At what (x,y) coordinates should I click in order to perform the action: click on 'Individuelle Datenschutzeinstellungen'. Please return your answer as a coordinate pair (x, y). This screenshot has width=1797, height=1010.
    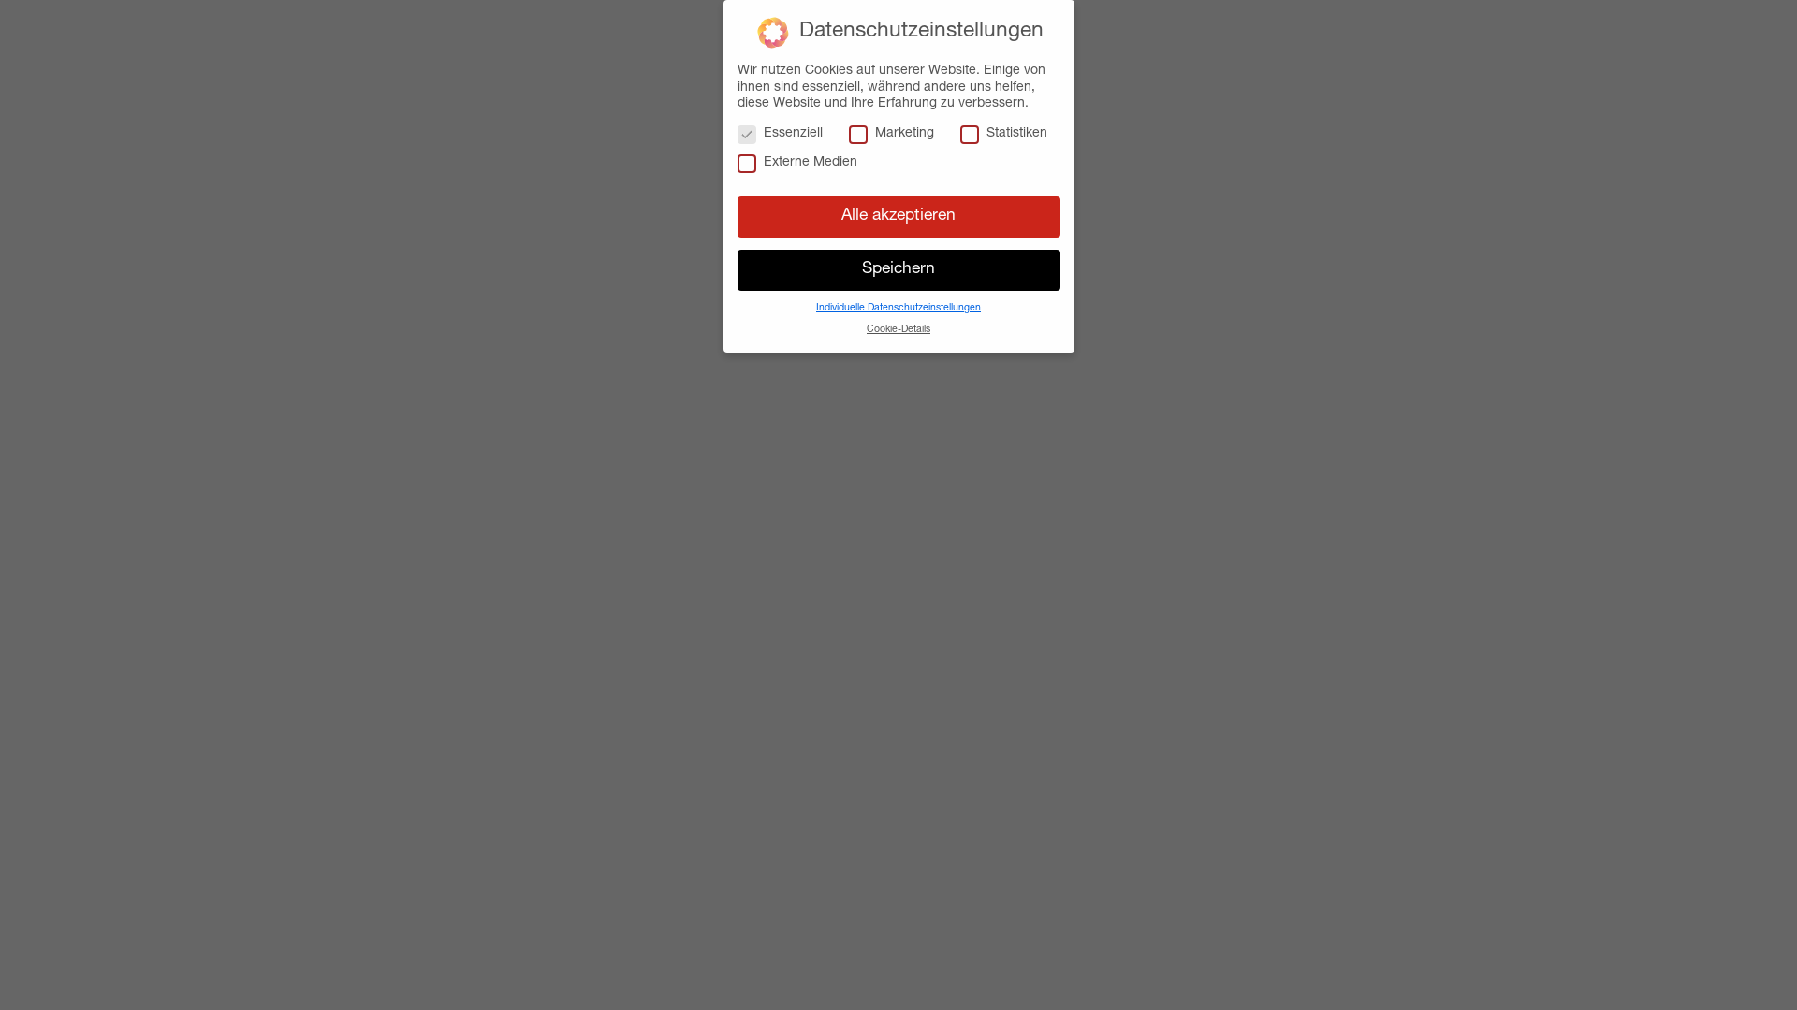
    Looking at the image, I should click on (816, 308).